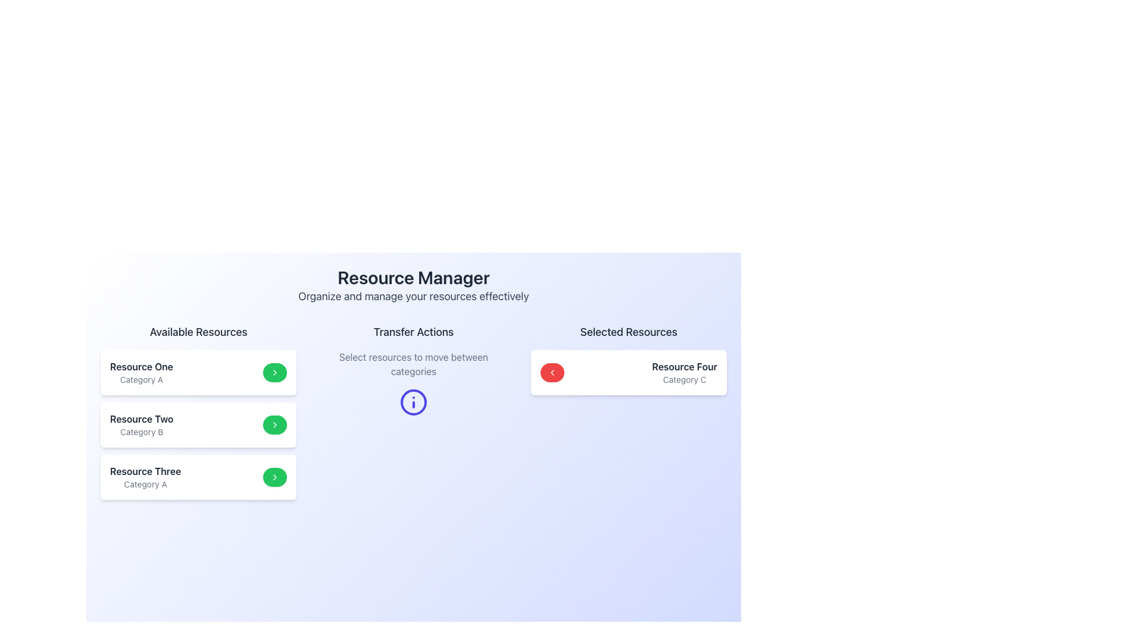 The image size is (1143, 642). Describe the element at coordinates (198, 332) in the screenshot. I see `the heading element that indicates the section containing available resources, located above the list of resource cards` at that location.